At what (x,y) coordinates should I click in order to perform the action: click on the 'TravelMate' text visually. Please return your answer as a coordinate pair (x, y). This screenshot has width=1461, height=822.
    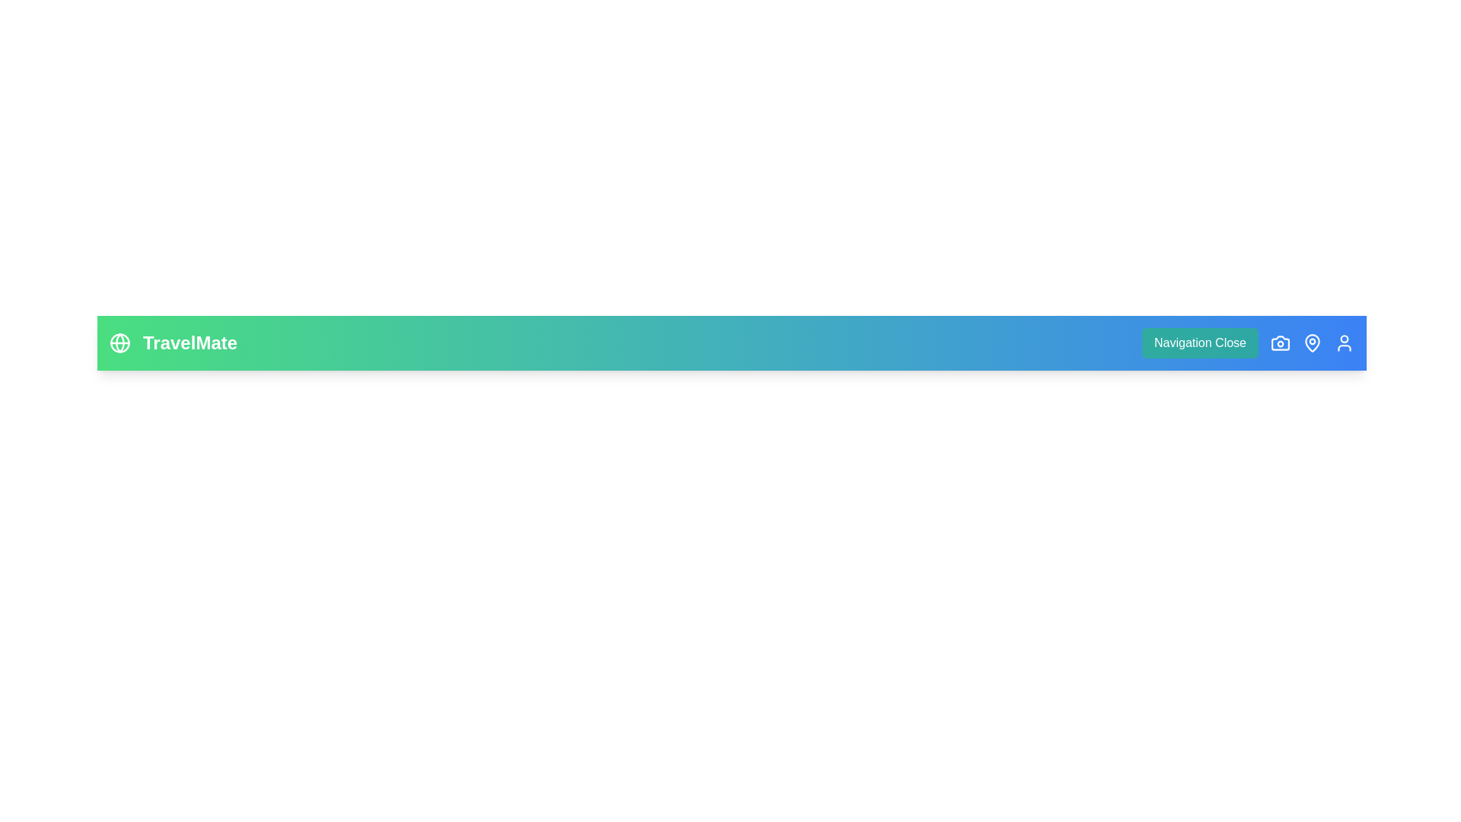
    Looking at the image, I should click on (189, 343).